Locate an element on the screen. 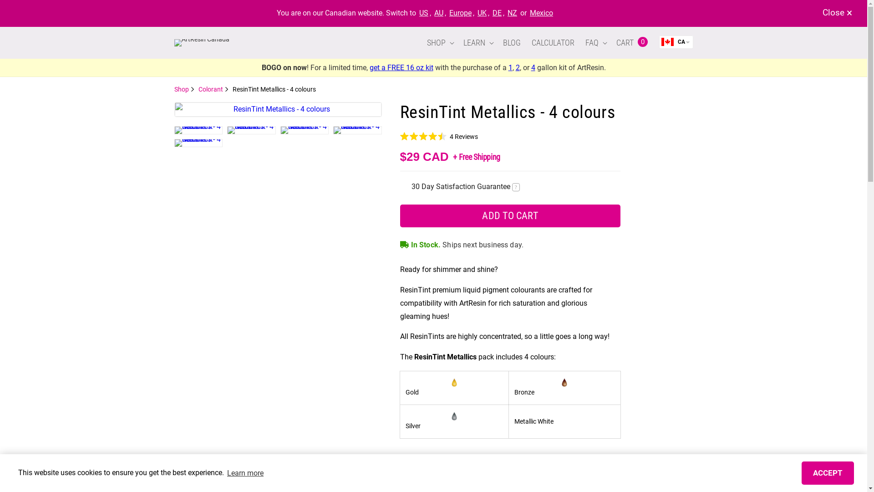 Image resolution: width=874 pixels, height=492 pixels. 'AU' is located at coordinates (439, 13).